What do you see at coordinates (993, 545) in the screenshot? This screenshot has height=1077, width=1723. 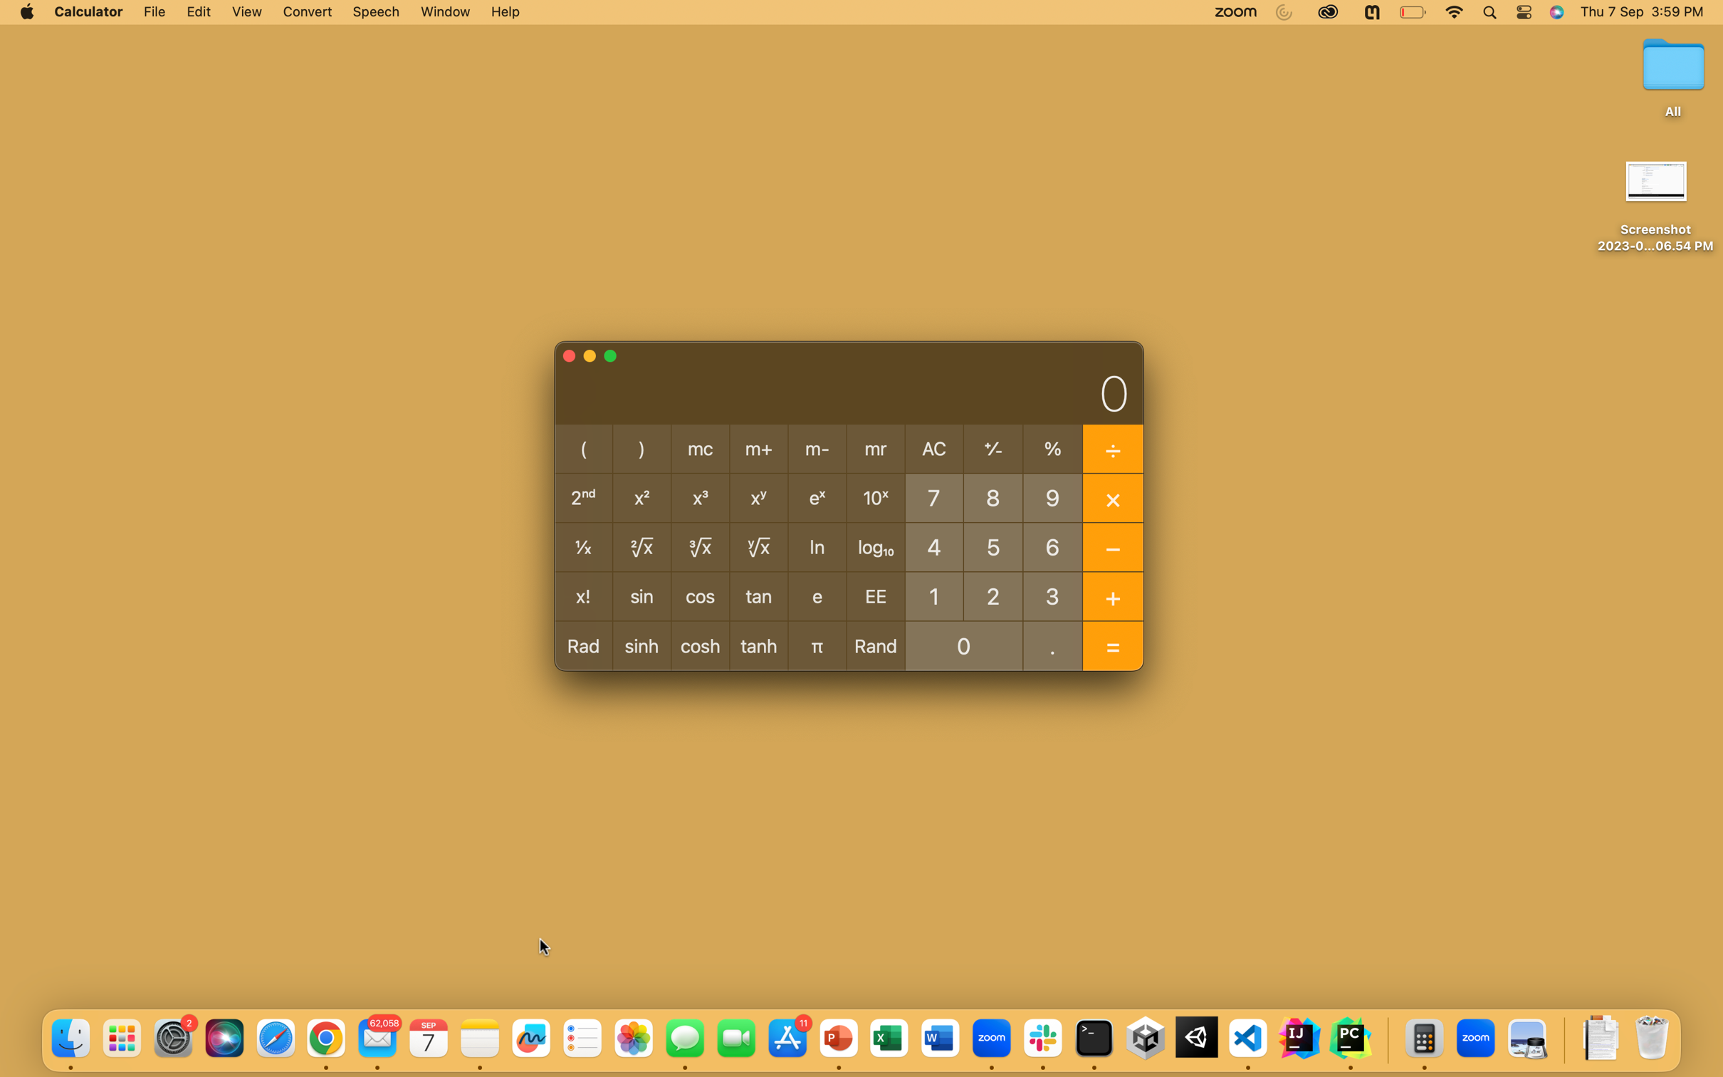 I see `Compute the inverse of 5` at bounding box center [993, 545].